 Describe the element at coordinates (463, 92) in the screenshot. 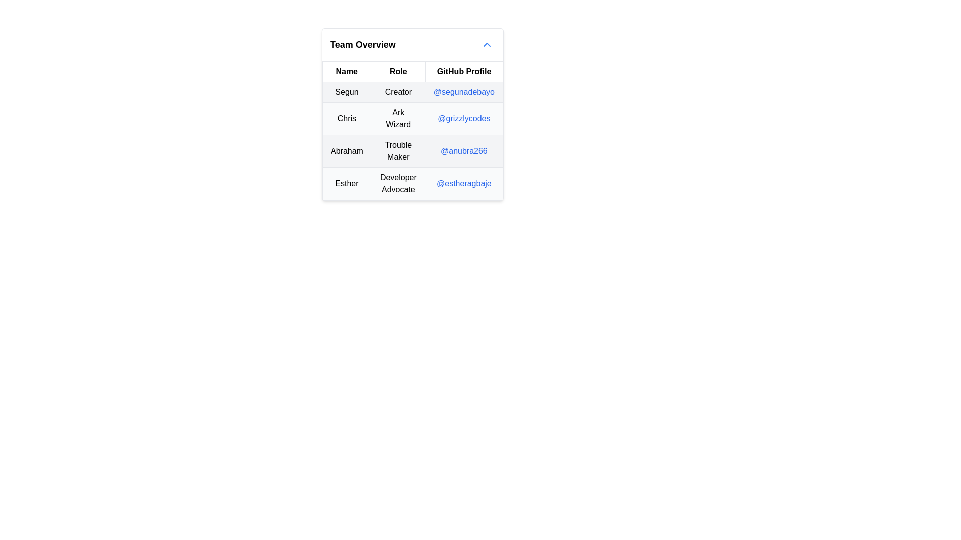

I see `the hyperlink '@segunadebayo' styled in blue and underlined, located` at that location.